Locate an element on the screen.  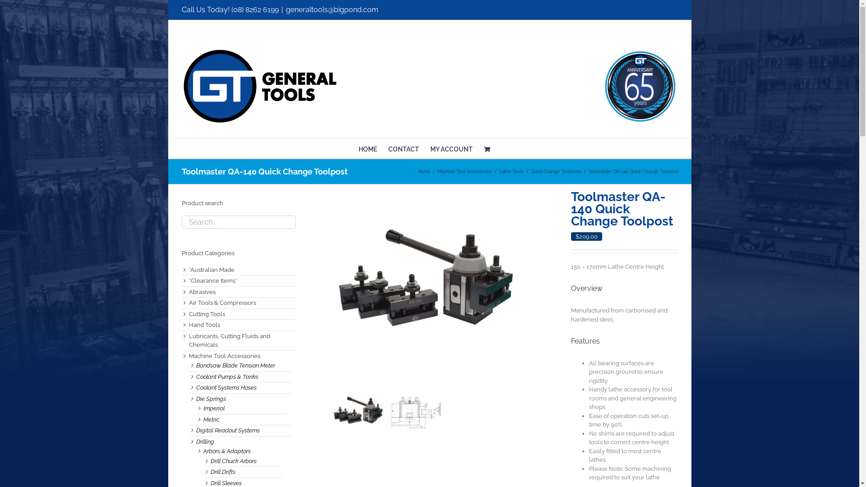
'Drill Chuck Arbors' is located at coordinates (209, 461).